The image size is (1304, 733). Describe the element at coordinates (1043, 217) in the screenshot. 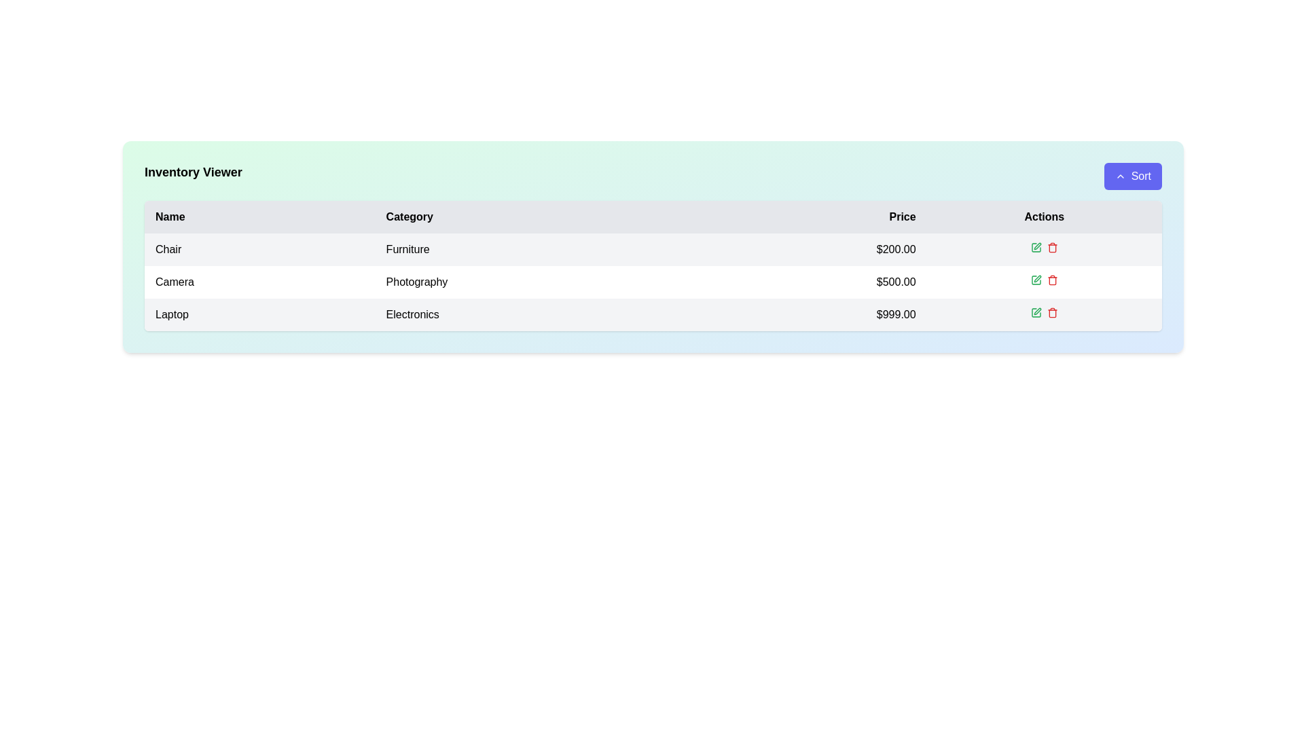

I see `the 'Actions' column header, which is the fourth and rightmost header in the row titled 'Name, Category, Price, Actions'` at that location.